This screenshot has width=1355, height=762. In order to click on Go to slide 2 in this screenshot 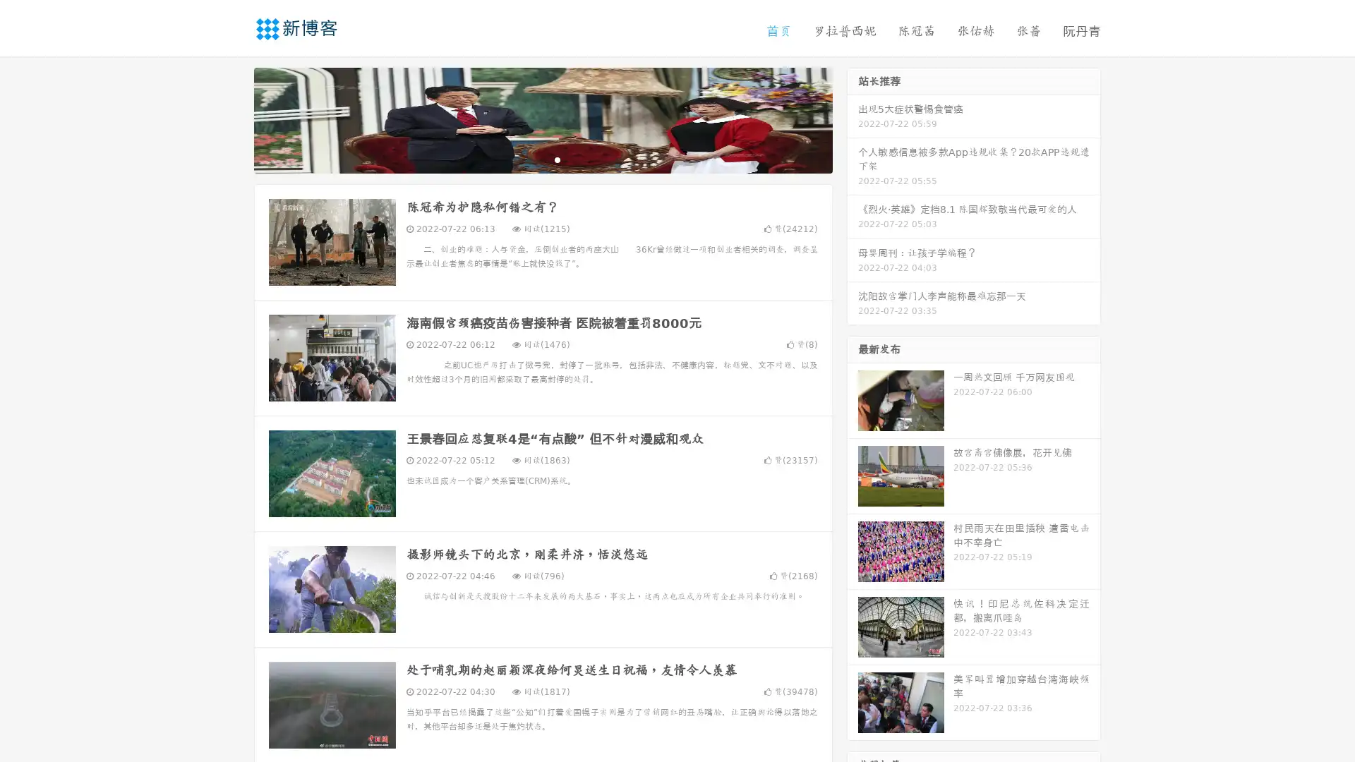, I will do `click(542, 159)`.